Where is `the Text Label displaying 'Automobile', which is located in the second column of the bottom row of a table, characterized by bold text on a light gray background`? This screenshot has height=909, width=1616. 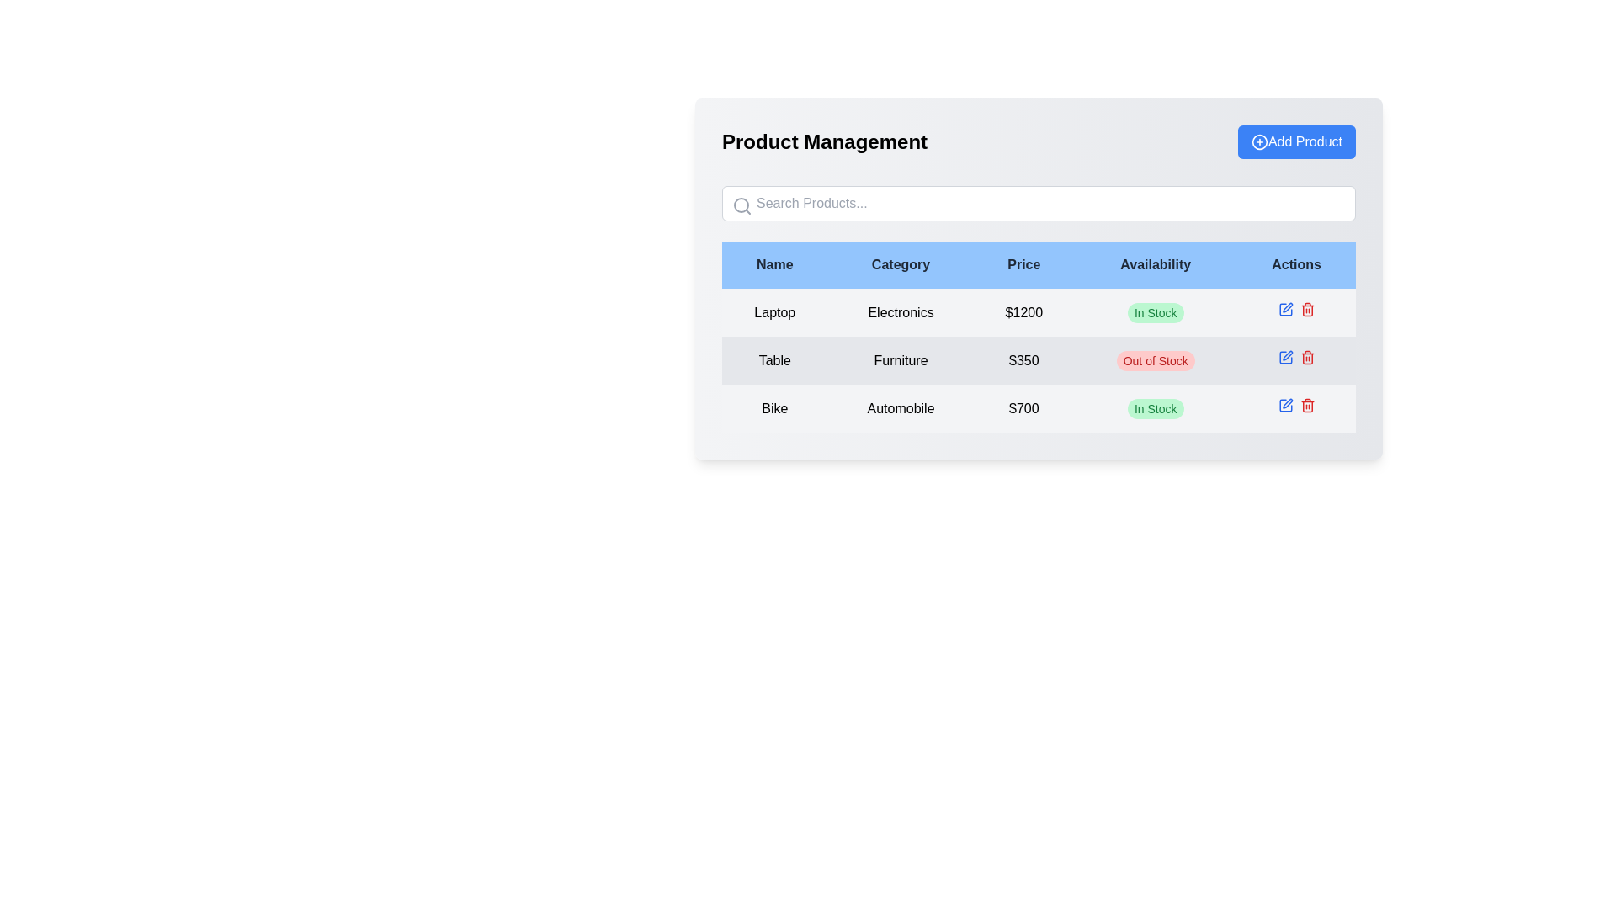
the Text Label displaying 'Automobile', which is located in the second column of the bottom row of a table, characterized by bold text on a light gray background is located at coordinates (900, 408).